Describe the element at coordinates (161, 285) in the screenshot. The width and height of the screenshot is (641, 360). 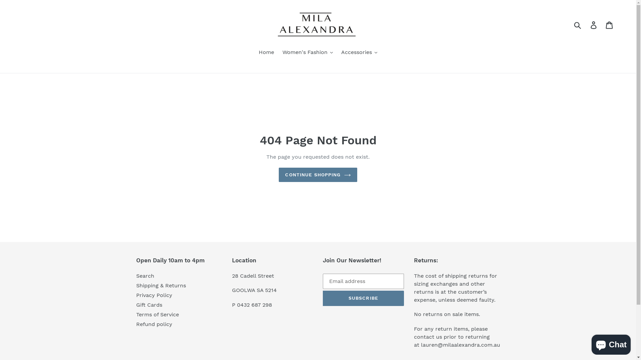
I see `'Shipping & Returns'` at that location.